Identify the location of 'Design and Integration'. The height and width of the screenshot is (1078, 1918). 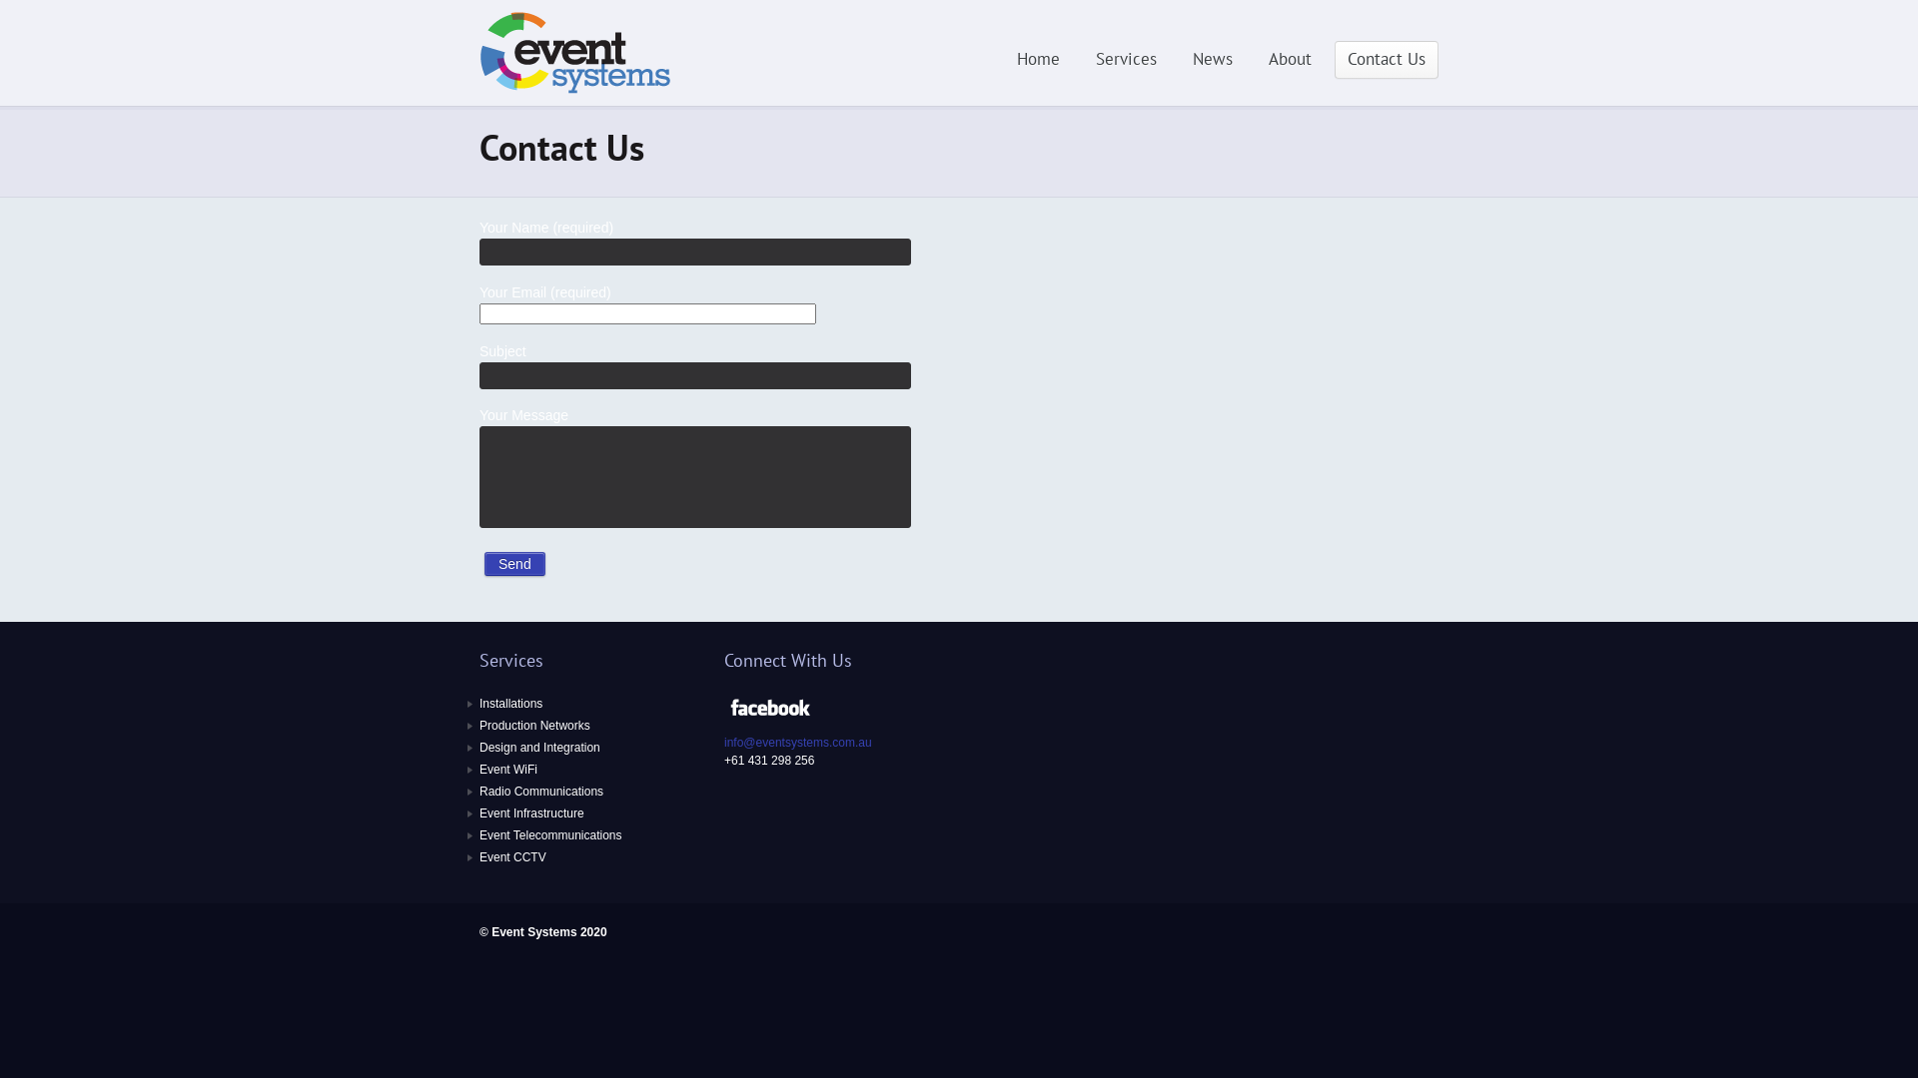
(539, 747).